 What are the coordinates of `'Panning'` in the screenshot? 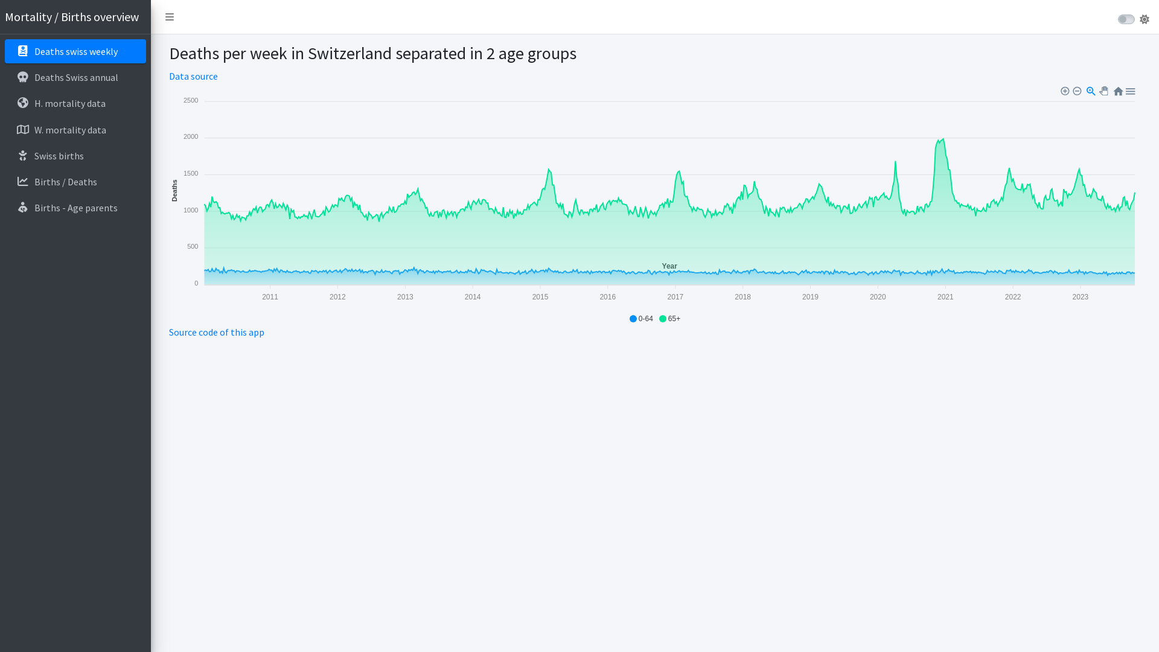 It's located at (1105, 90).